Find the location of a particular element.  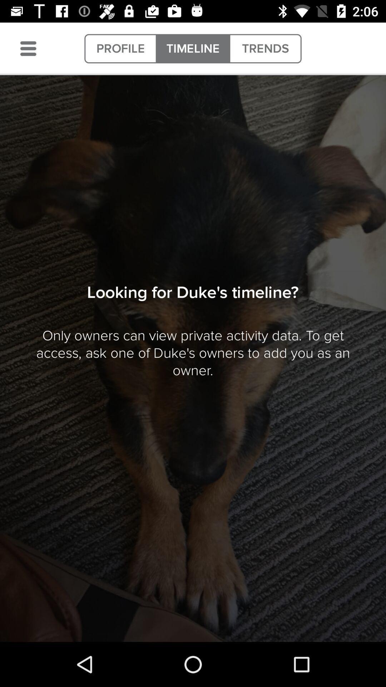

the trends item is located at coordinates (265, 48).